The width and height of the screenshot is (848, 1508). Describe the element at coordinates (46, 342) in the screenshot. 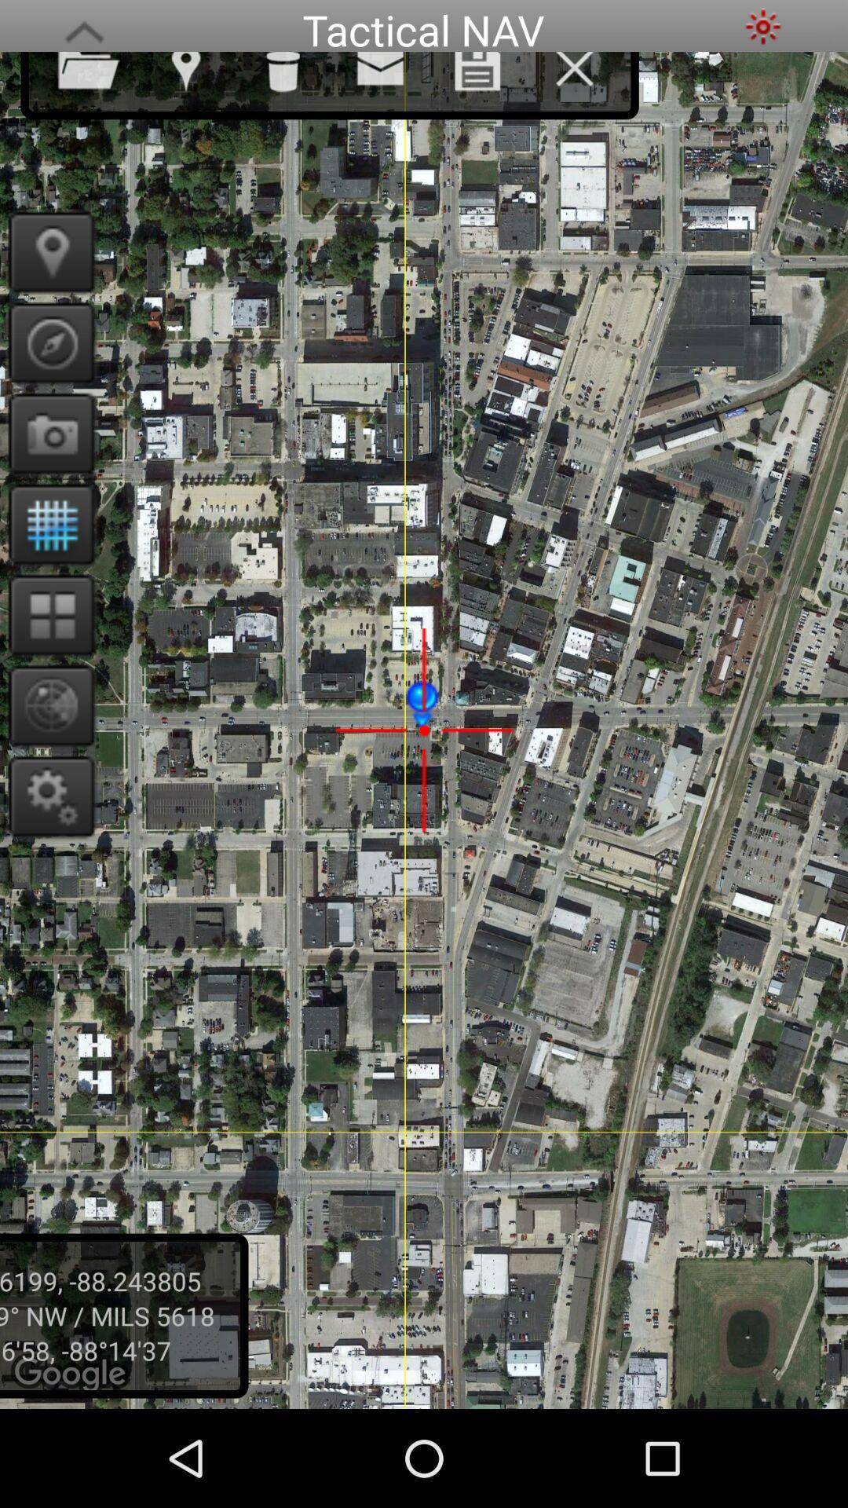

I see `see directions` at that location.